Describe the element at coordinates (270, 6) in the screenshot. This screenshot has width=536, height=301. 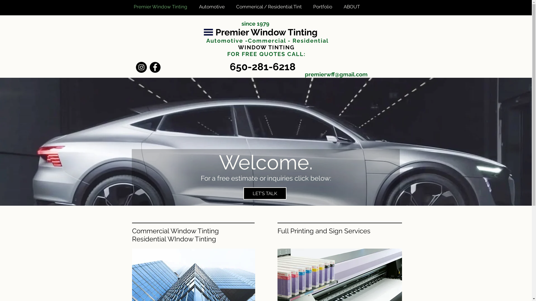
I see `'Commerical / Residential Tint'` at that location.